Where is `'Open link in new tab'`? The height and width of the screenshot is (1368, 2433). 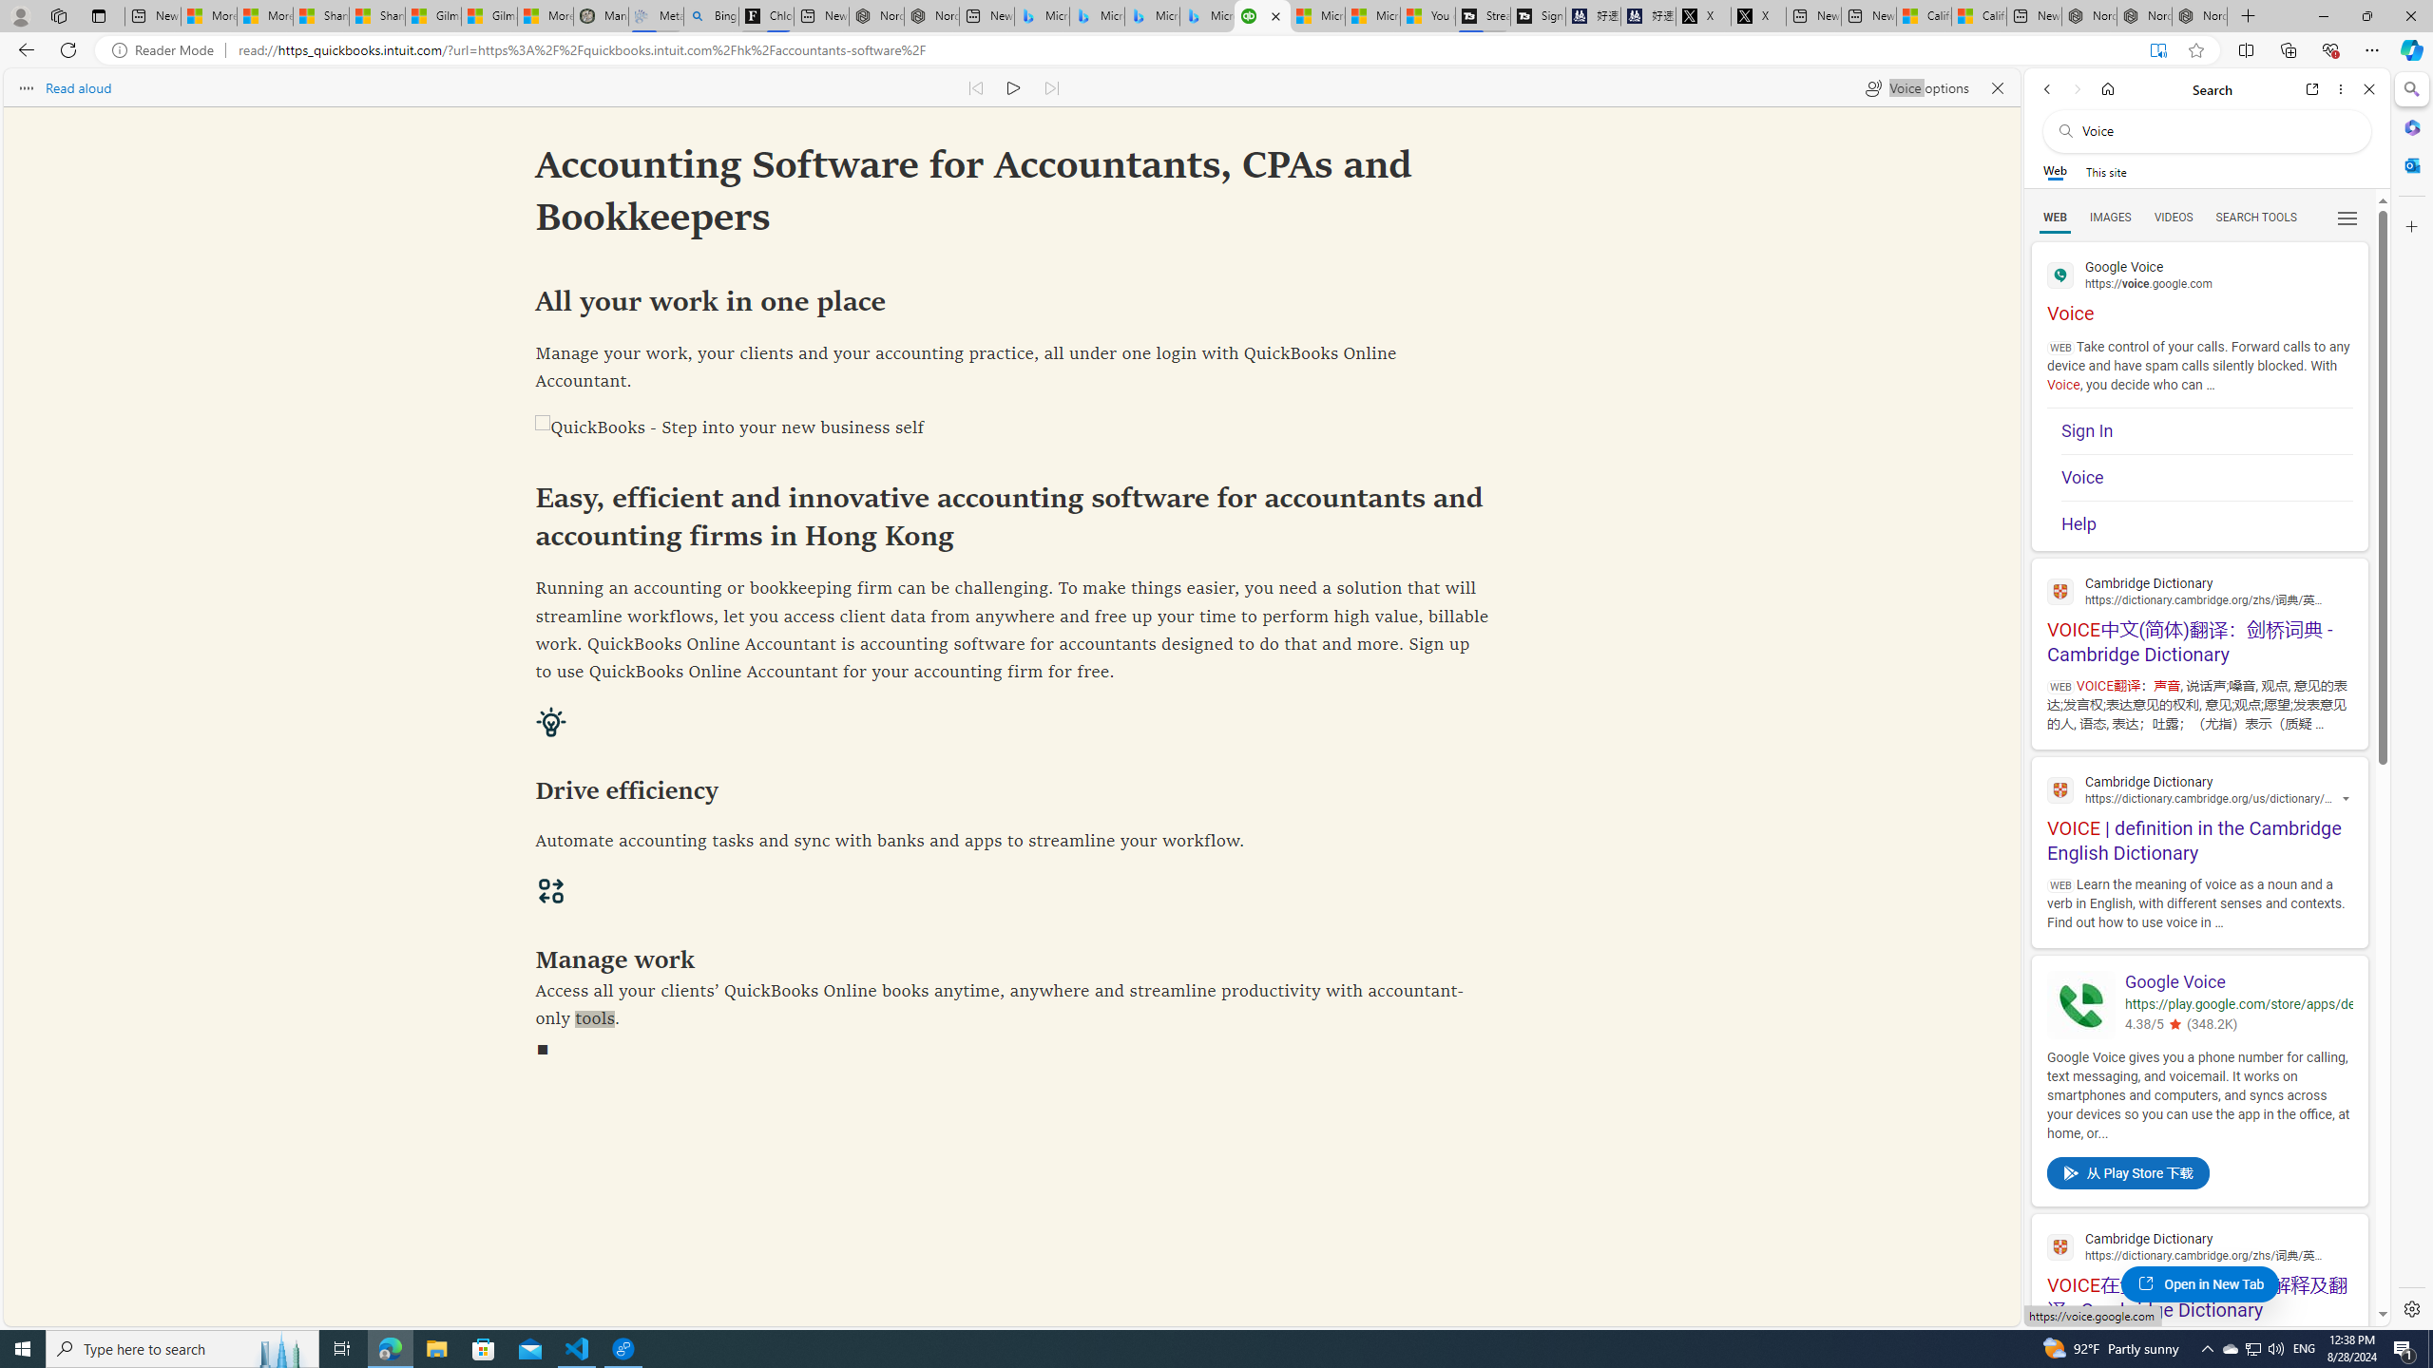
'Open link in new tab' is located at coordinates (2312, 88).